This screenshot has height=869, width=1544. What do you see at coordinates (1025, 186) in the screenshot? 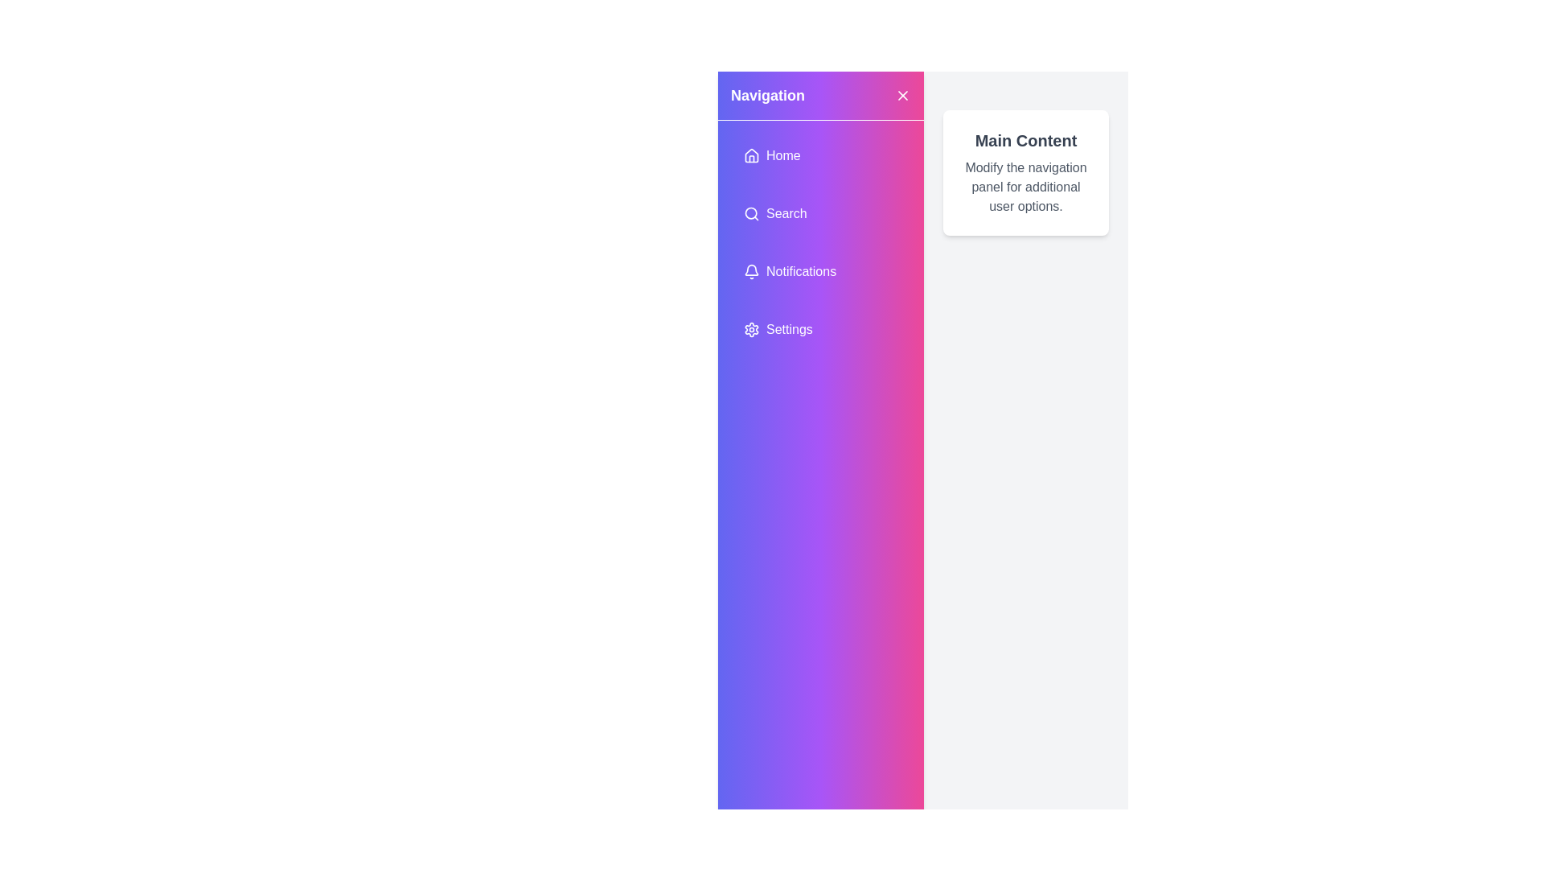
I see `the text element that reads 'Modify the navigation panel for additional user options', which is styled with gray text and positioned below the heading 'Main Content'` at bounding box center [1025, 186].